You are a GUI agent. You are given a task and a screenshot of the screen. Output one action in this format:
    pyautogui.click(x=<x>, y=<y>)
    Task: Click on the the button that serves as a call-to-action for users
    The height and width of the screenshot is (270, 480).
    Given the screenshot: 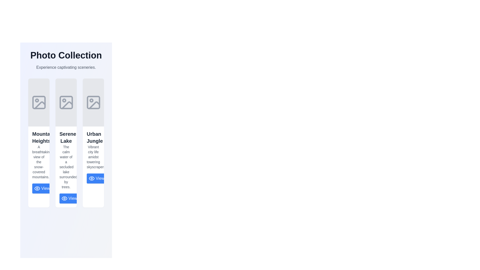 What is the action you would take?
    pyautogui.click(x=42, y=188)
    